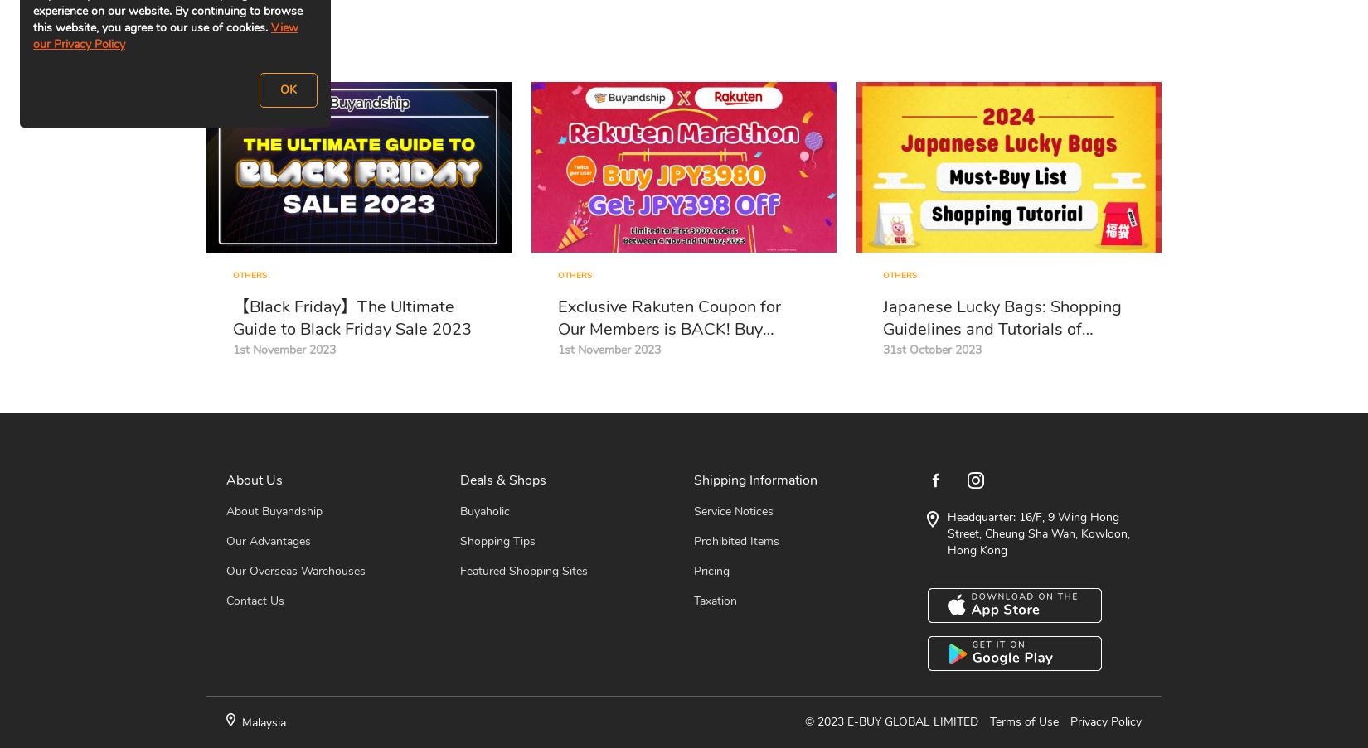  I want to click on 'Buyaholic', so click(459, 511).